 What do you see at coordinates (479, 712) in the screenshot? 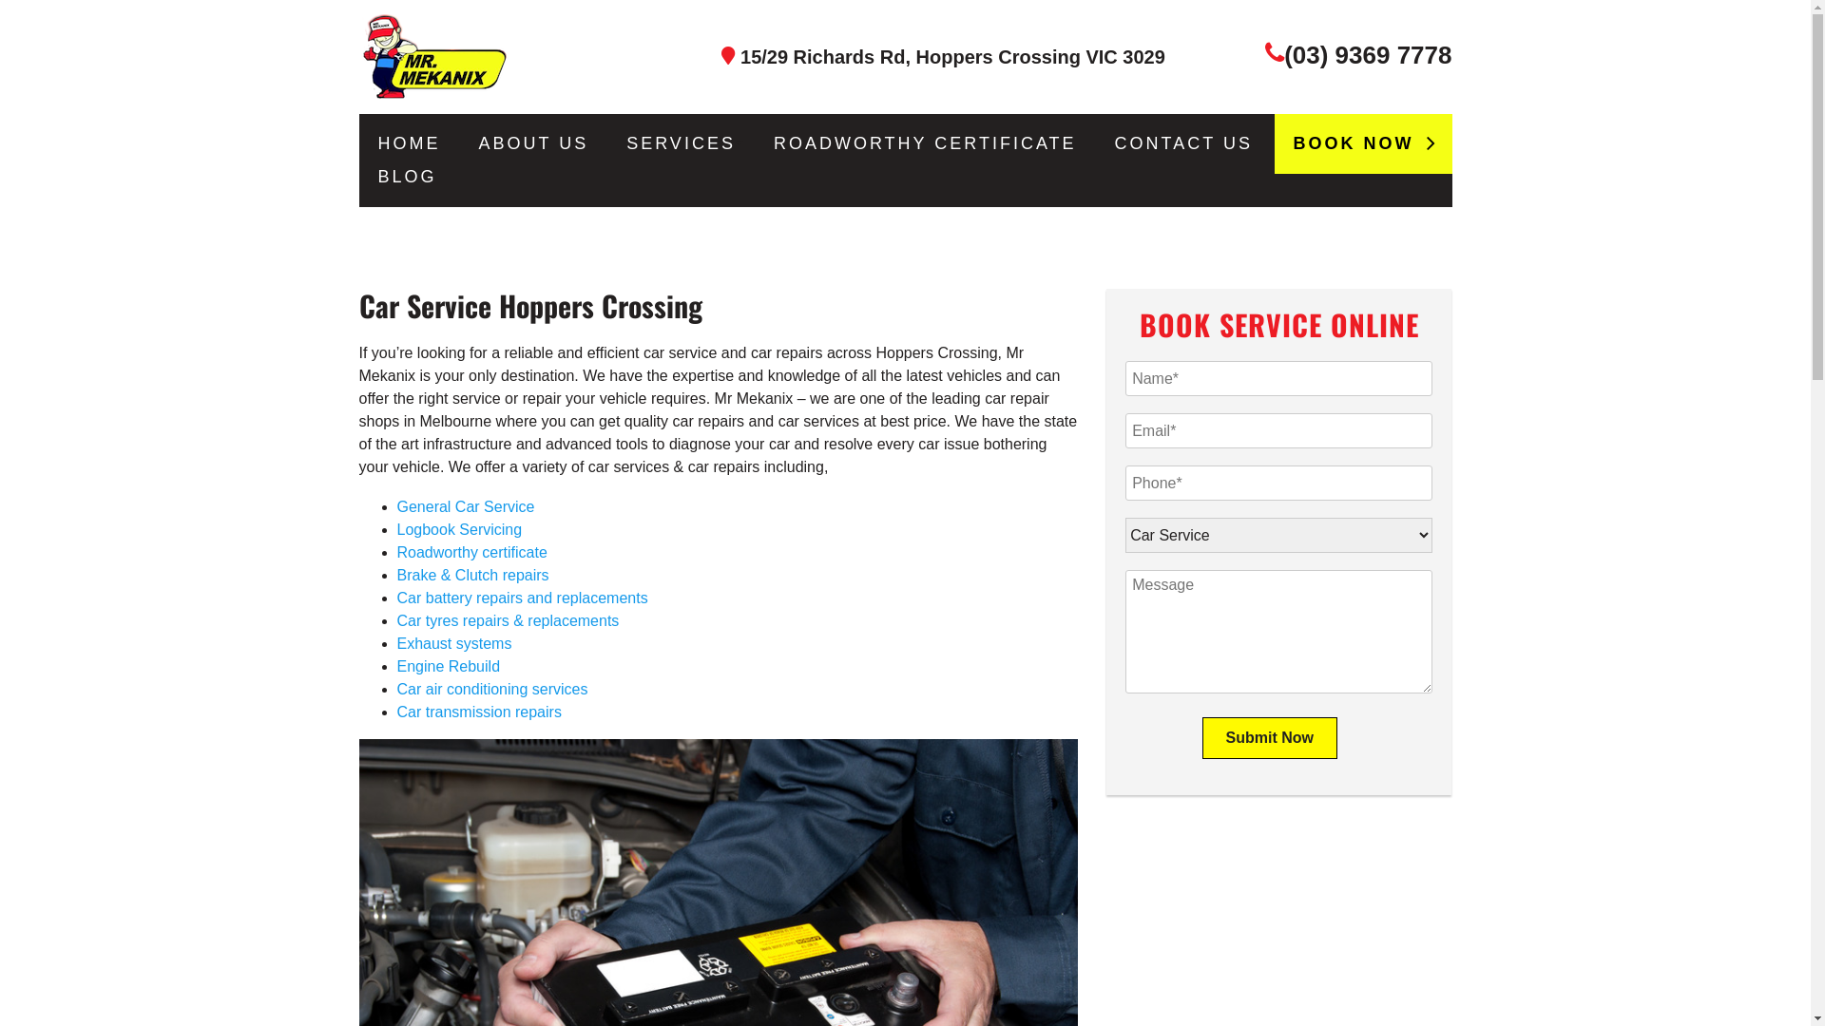
I see `'Car transmission repairs'` at bounding box center [479, 712].